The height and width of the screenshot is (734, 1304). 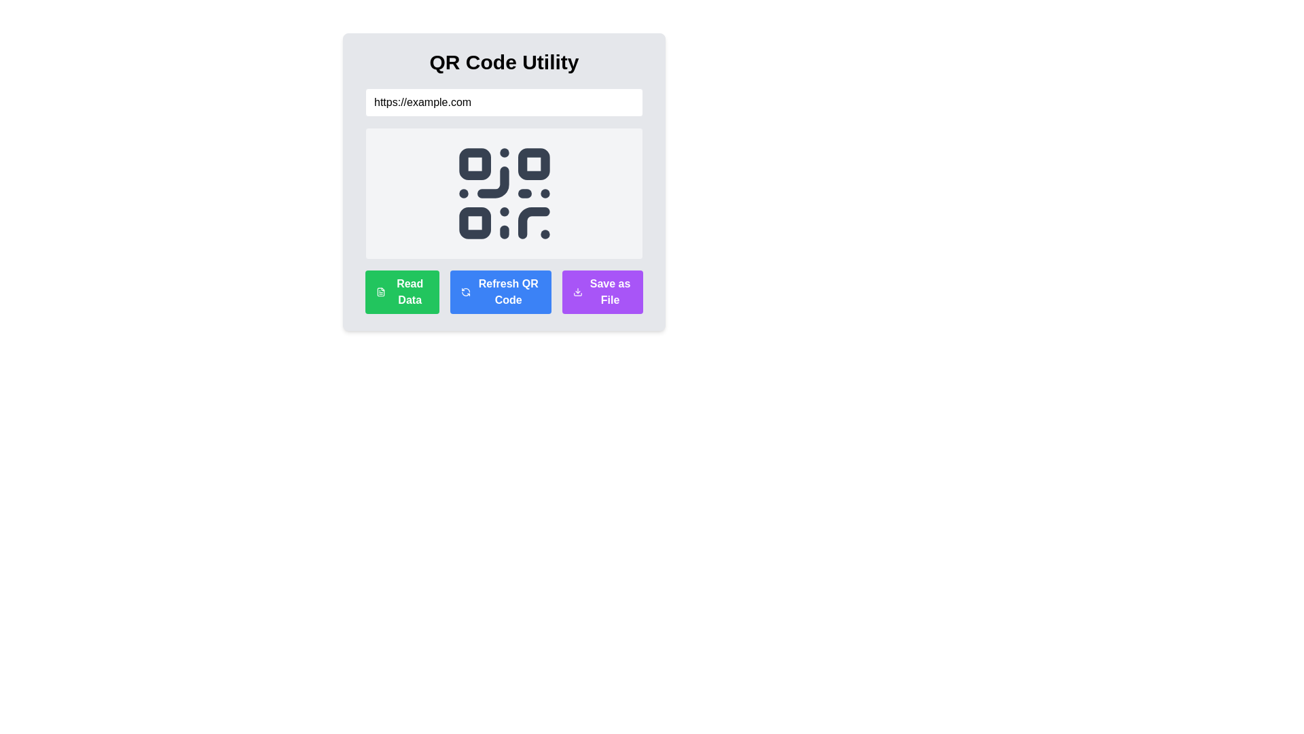 What do you see at coordinates (401, 291) in the screenshot?
I see `the green 'Read Data' button with rounded edges that displays the text 'Read Data' in white and has a file document icon to its left, located at the first position in a group of buttons below a QR code graphic` at bounding box center [401, 291].